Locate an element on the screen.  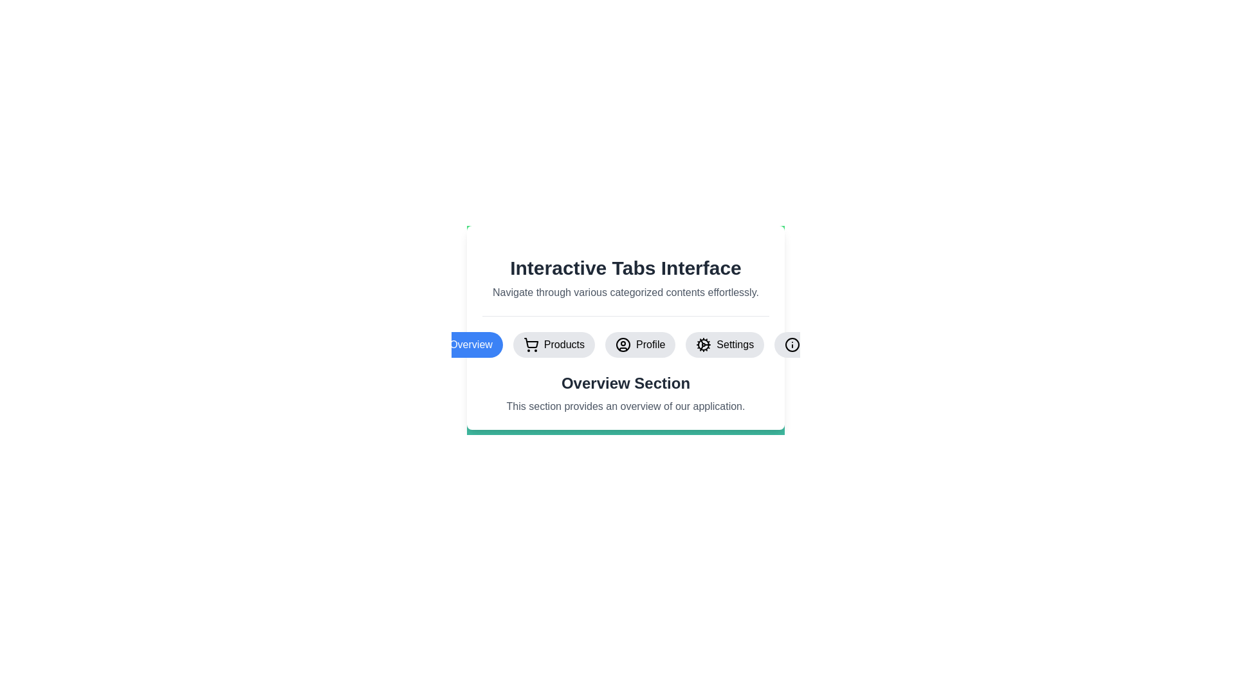
the cogwheel icon that is part of the 'Settings' button in the tab navigation bar, located fourth from the left is located at coordinates (703, 344).